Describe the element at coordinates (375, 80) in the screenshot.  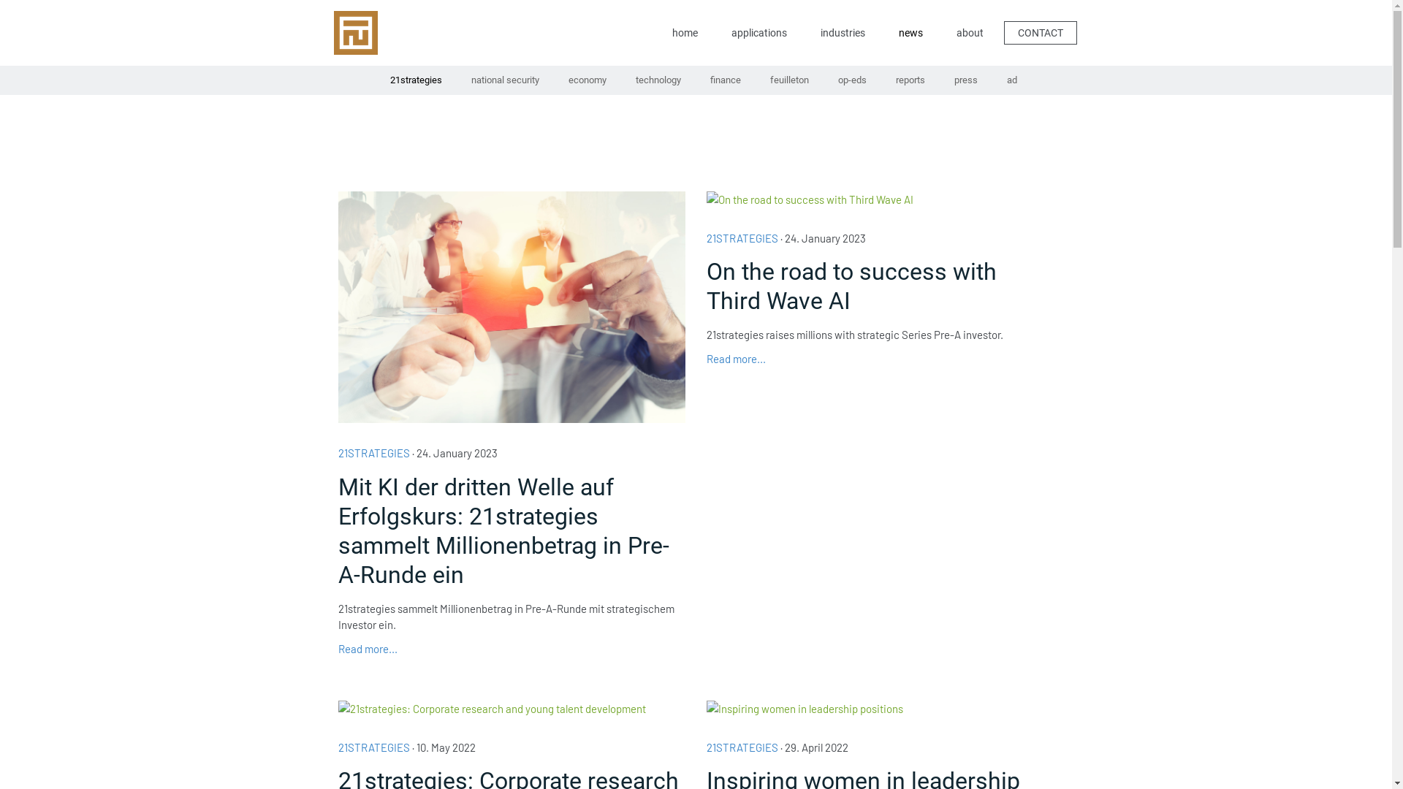
I see `'21strategies'` at that location.